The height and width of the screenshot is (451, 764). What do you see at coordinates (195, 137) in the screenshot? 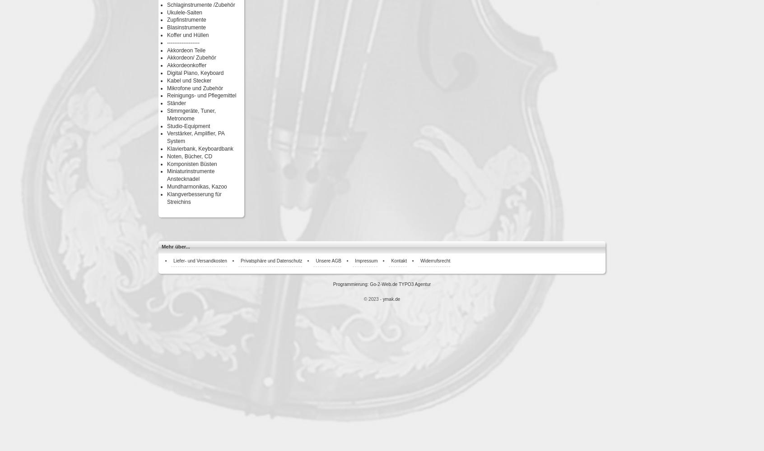
I see `'Verstärker, Amplifier, PA System'` at bounding box center [195, 137].